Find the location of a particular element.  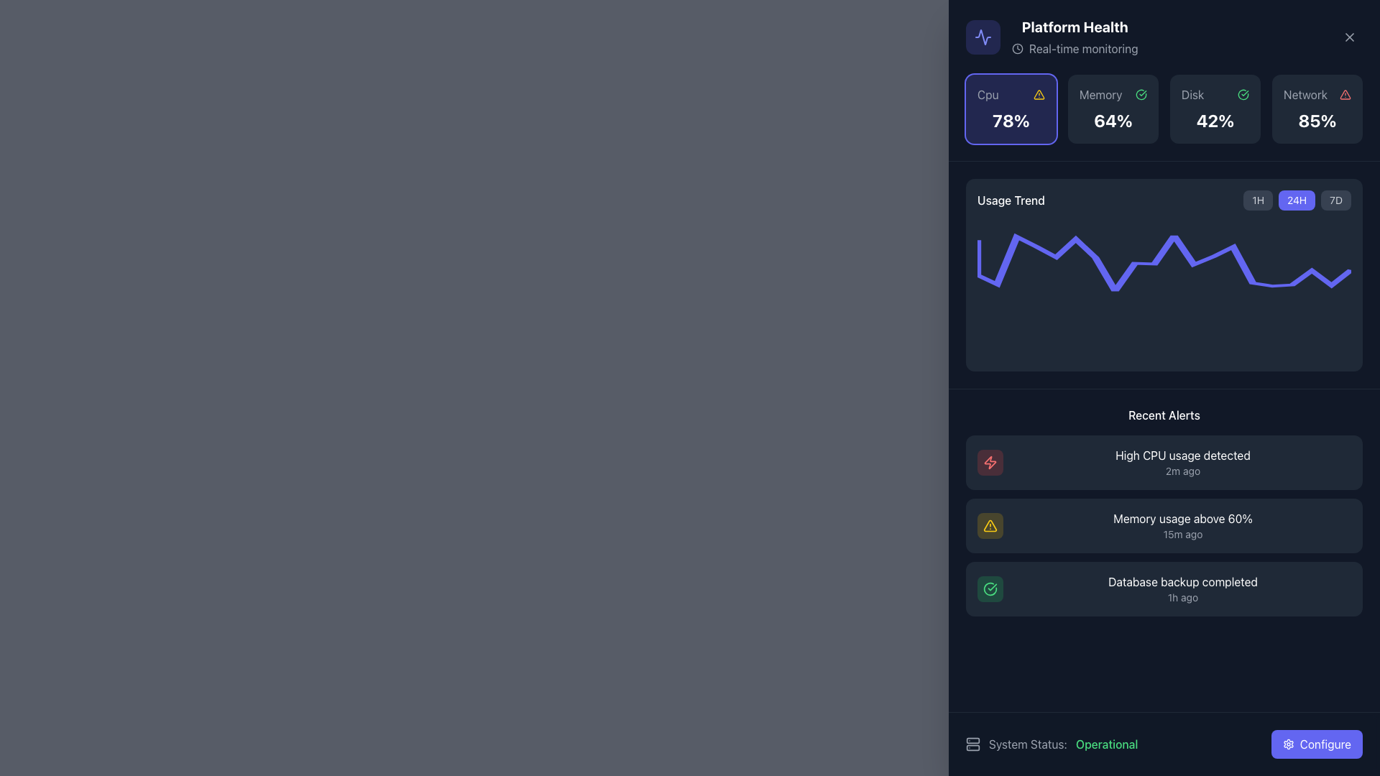

the lightning bolt icon with a red stroke located in the upper left corner of the 'Recent Alerts' card is located at coordinates (989, 463).